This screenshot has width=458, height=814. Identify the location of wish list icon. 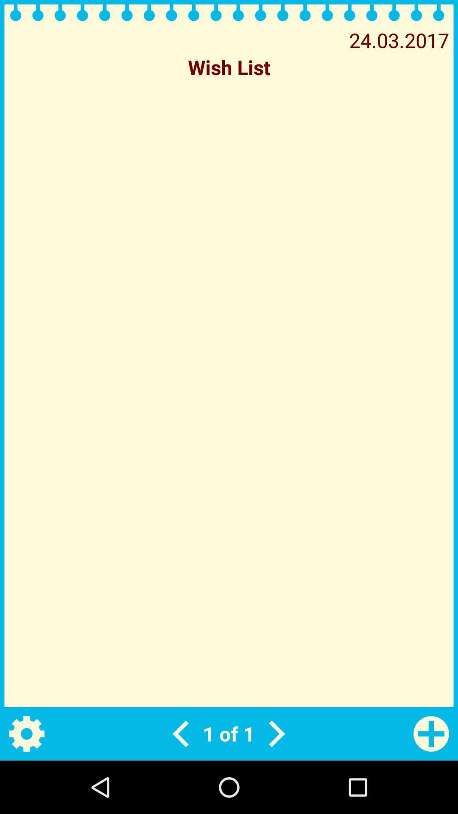
(229, 67).